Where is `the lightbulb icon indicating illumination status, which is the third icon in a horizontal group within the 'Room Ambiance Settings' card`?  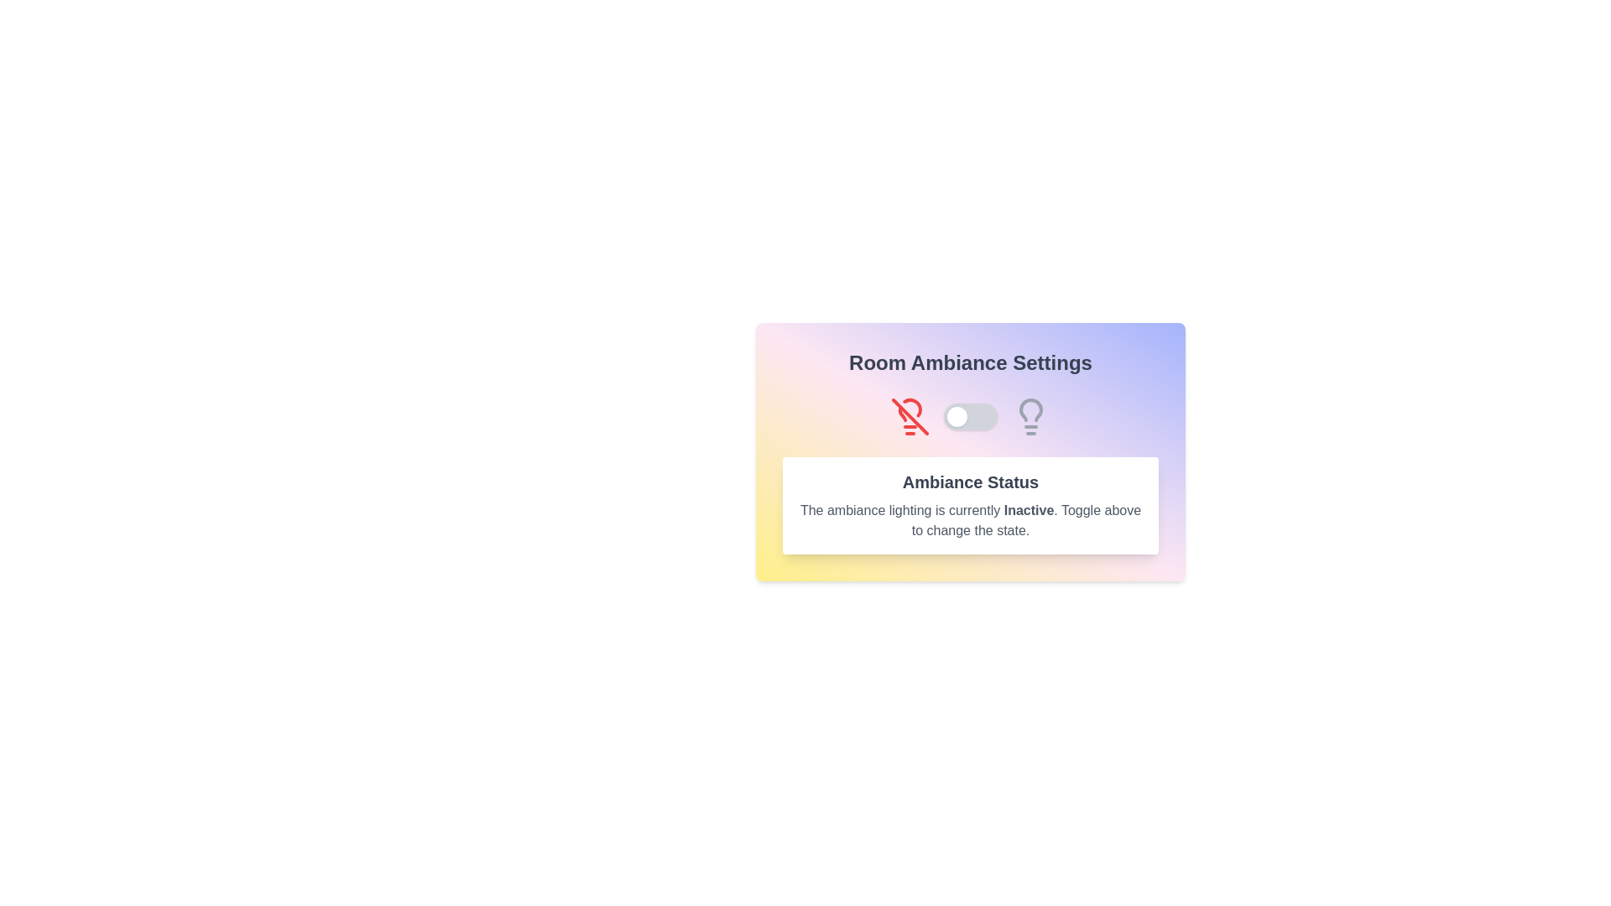 the lightbulb icon indicating illumination status, which is the third icon in a horizontal group within the 'Room Ambiance Settings' card is located at coordinates (1030, 416).